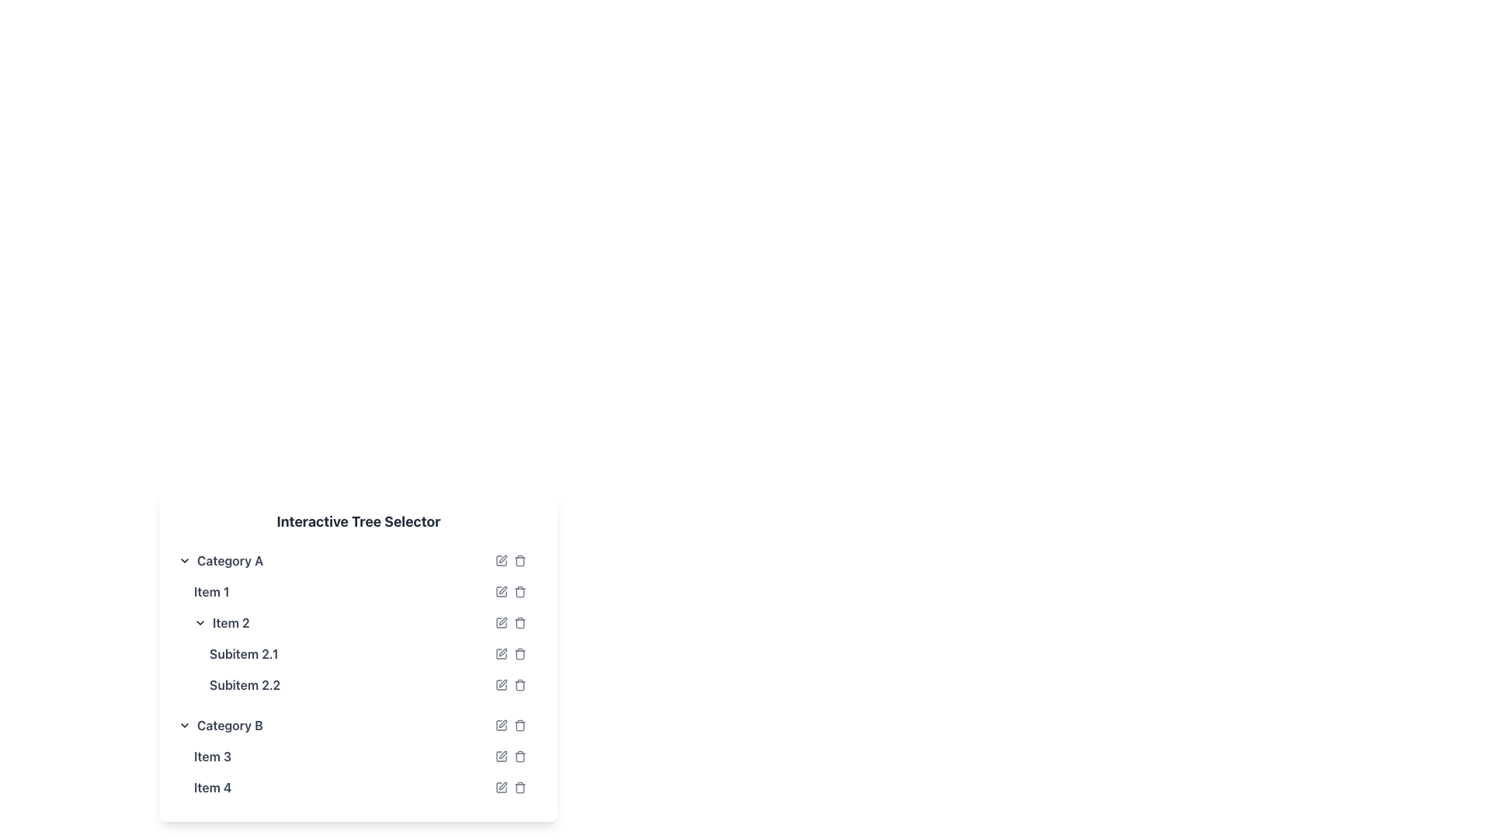 The image size is (1491, 839). I want to click on the Trash Bin icon associated with 'Item 2', so click(520, 622).